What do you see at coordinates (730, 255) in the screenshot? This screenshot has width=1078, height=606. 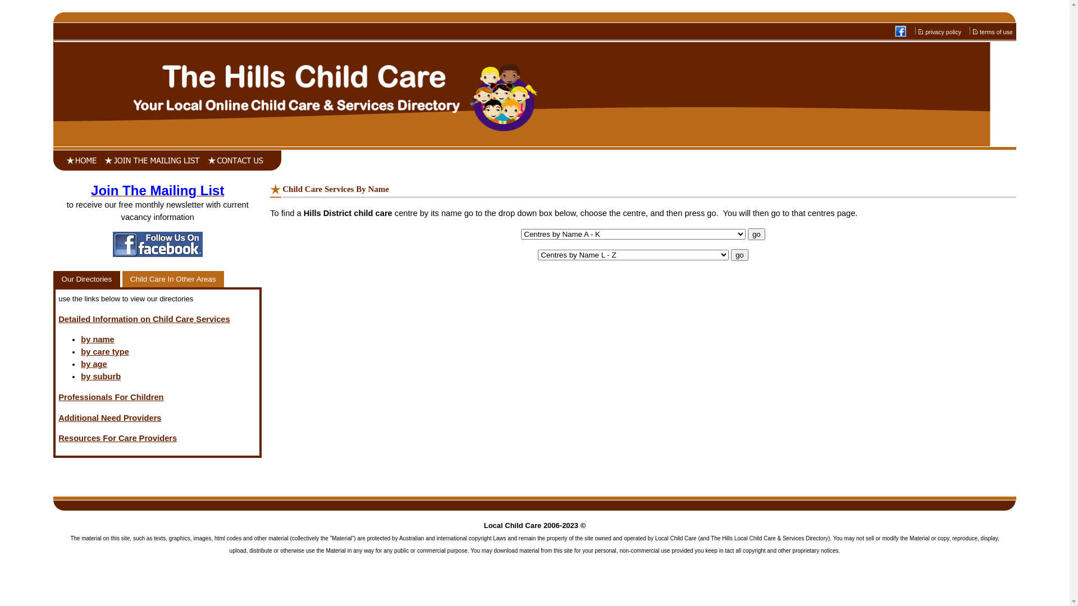 I see `'go'` at bounding box center [730, 255].